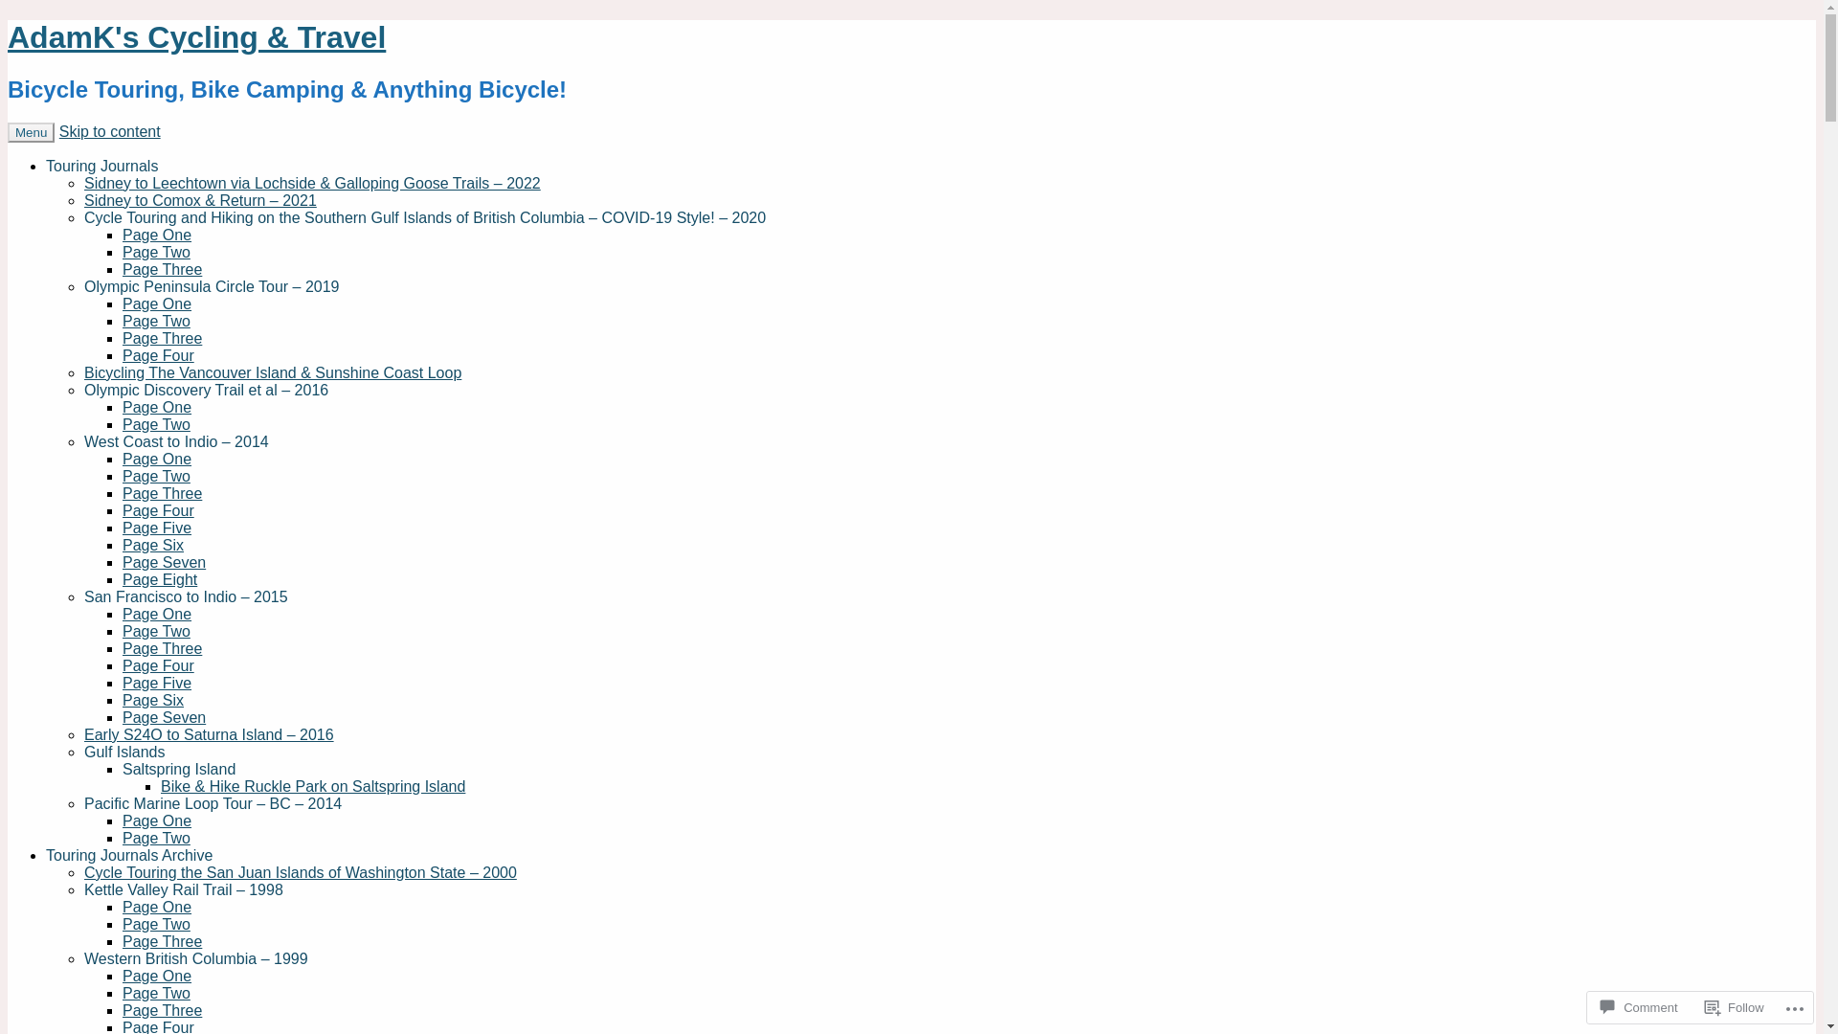 The image size is (1838, 1034). I want to click on 'Skip to content', so click(109, 130).